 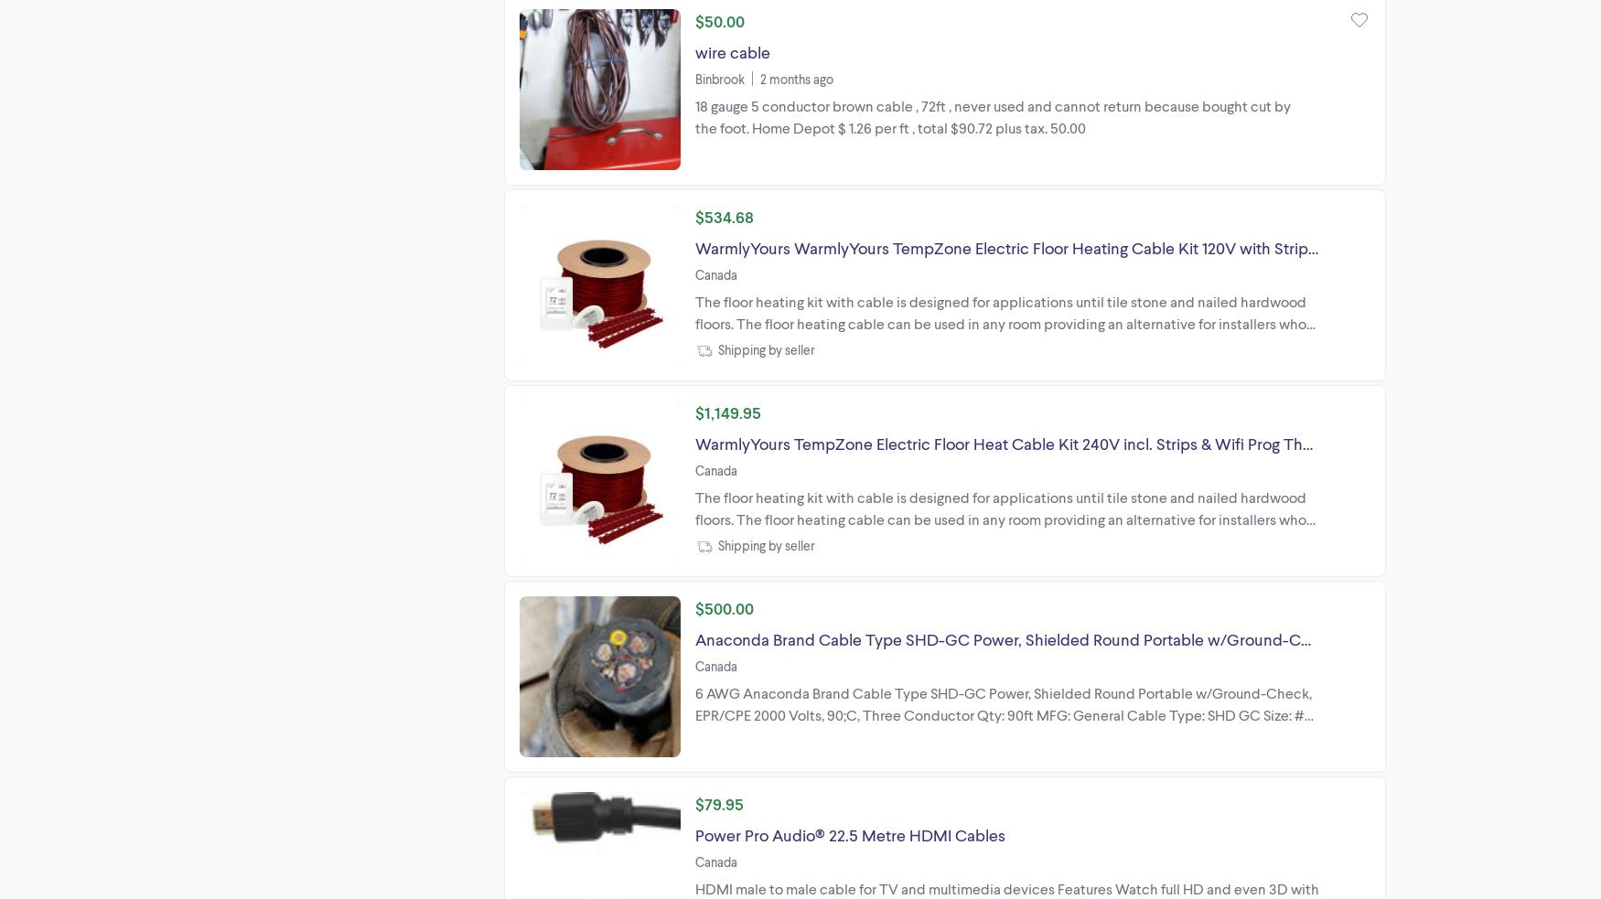 I want to click on 'Binbrook', so click(x=718, y=77).